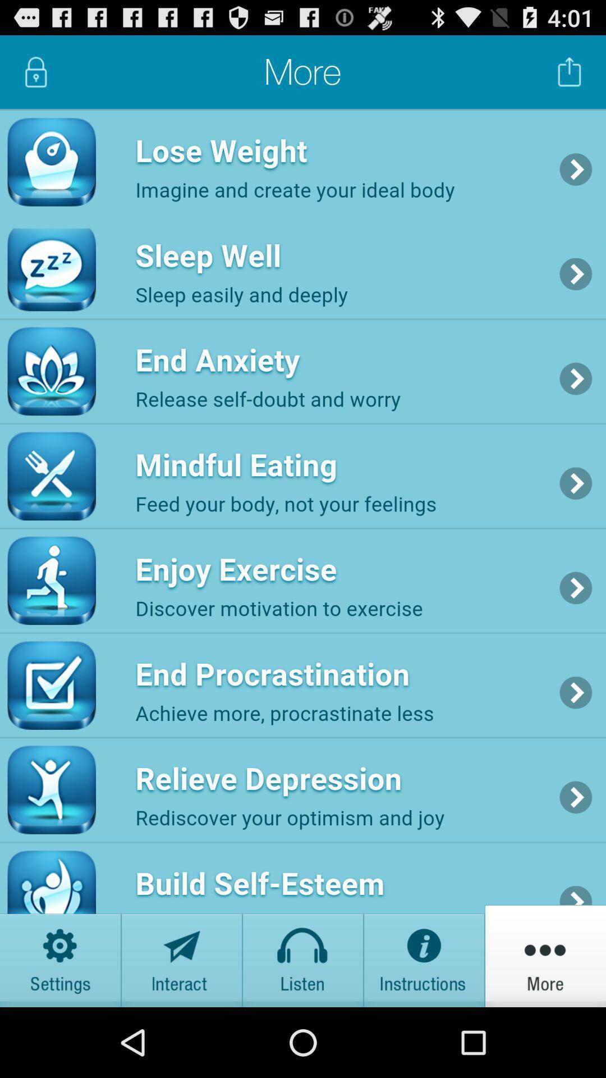 The height and width of the screenshot is (1078, 606). What do you see at coordinates (61, 955) in the screenshot?
I see `configuration` at bounding box center [61, 955].